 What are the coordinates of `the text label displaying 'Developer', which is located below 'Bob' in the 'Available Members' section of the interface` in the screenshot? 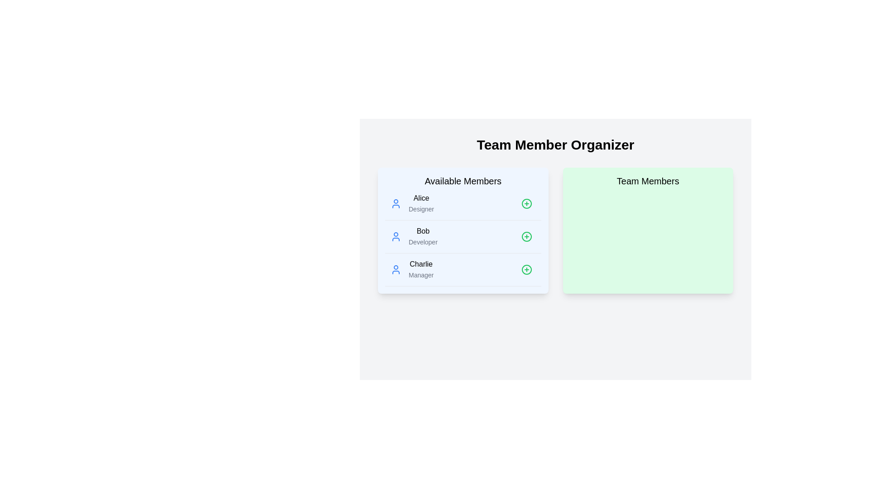 It's located at (422, 242).